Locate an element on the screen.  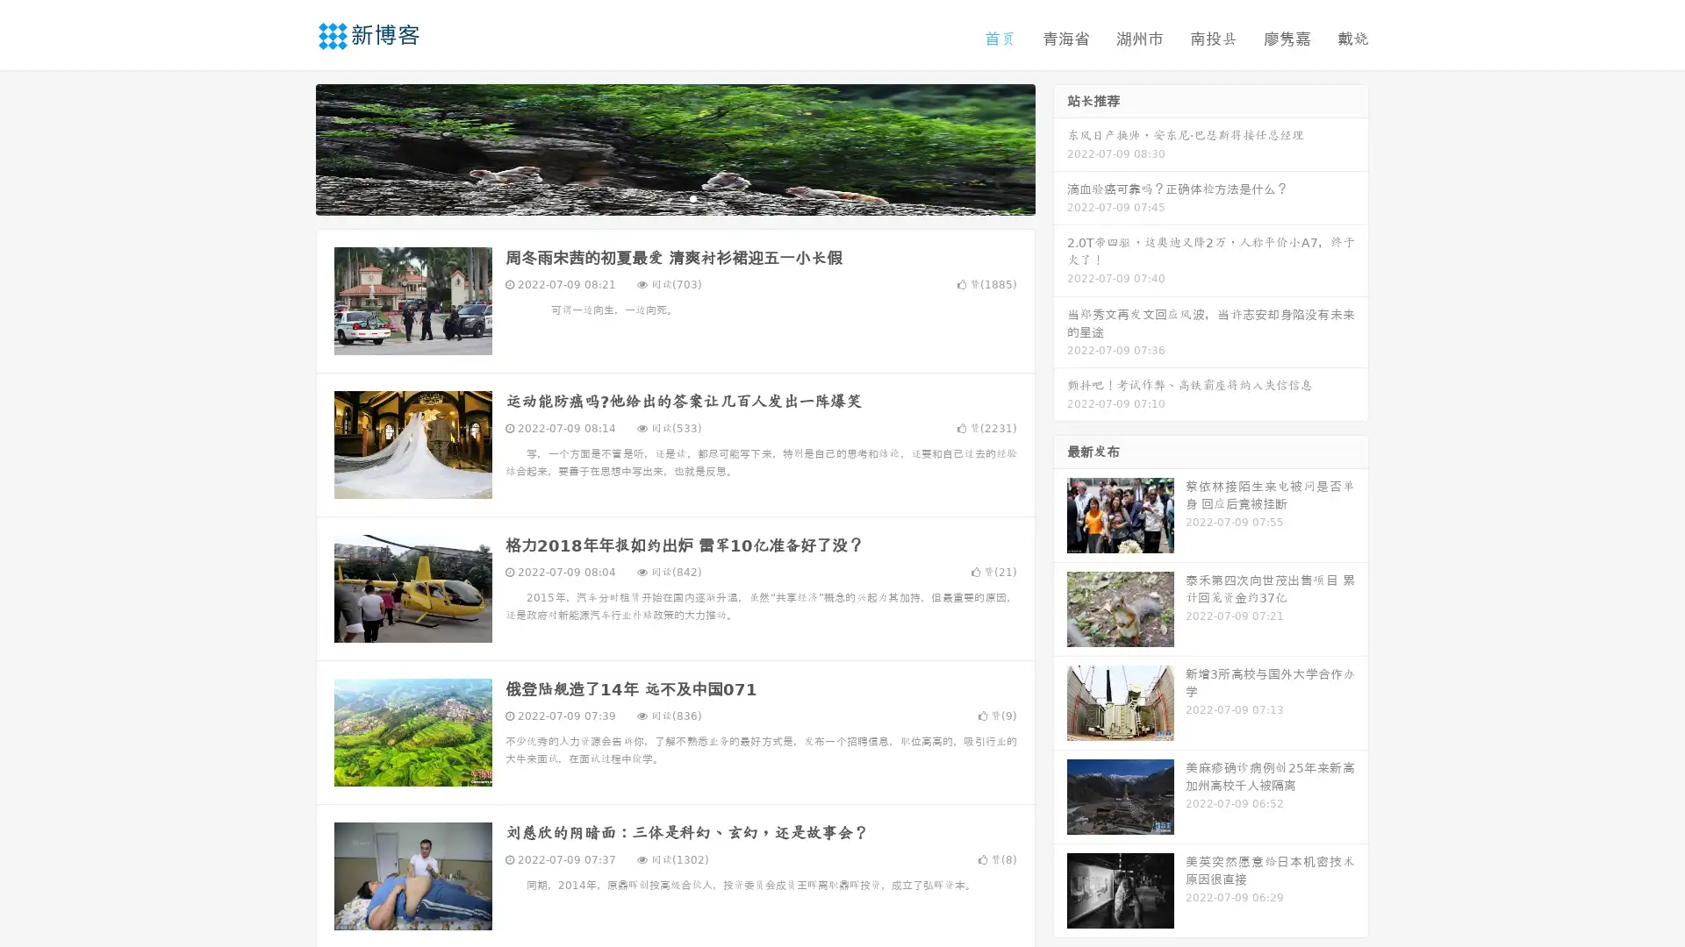
Go to slide 1 is located at coordinates (656, 197).